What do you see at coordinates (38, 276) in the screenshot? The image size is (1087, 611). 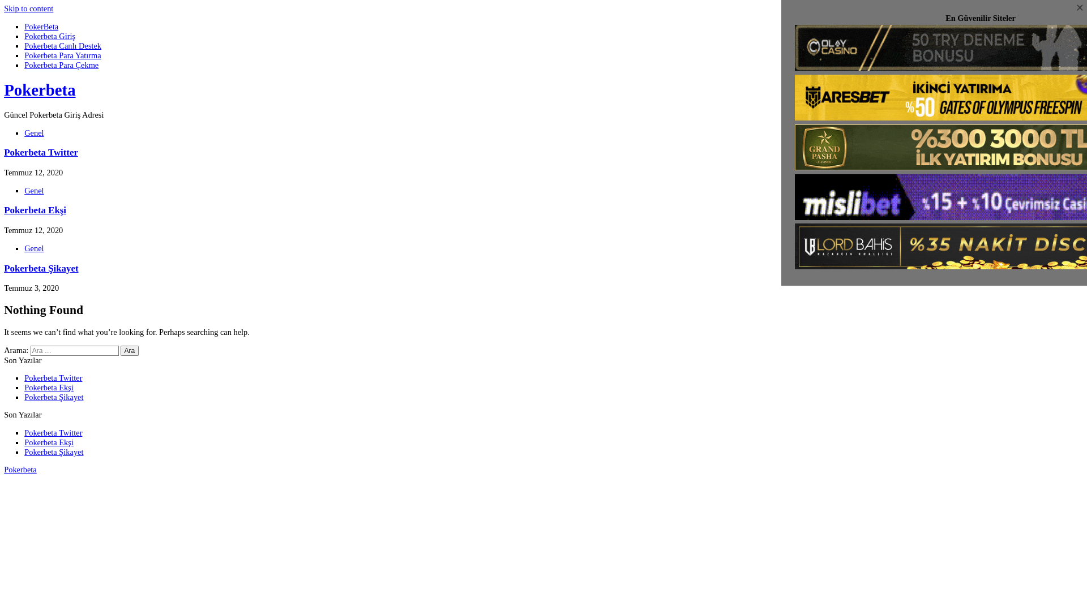 I see `'Genel'` at bounding box center [38, 276].